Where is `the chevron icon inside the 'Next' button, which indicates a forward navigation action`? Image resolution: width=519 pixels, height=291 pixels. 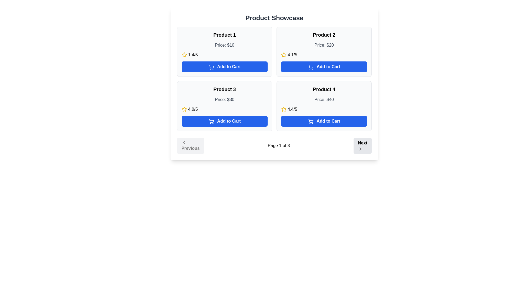 the chevron icon inside the 'Next' button, which indicates a forward navigation action is located at coordinates (361, 149).